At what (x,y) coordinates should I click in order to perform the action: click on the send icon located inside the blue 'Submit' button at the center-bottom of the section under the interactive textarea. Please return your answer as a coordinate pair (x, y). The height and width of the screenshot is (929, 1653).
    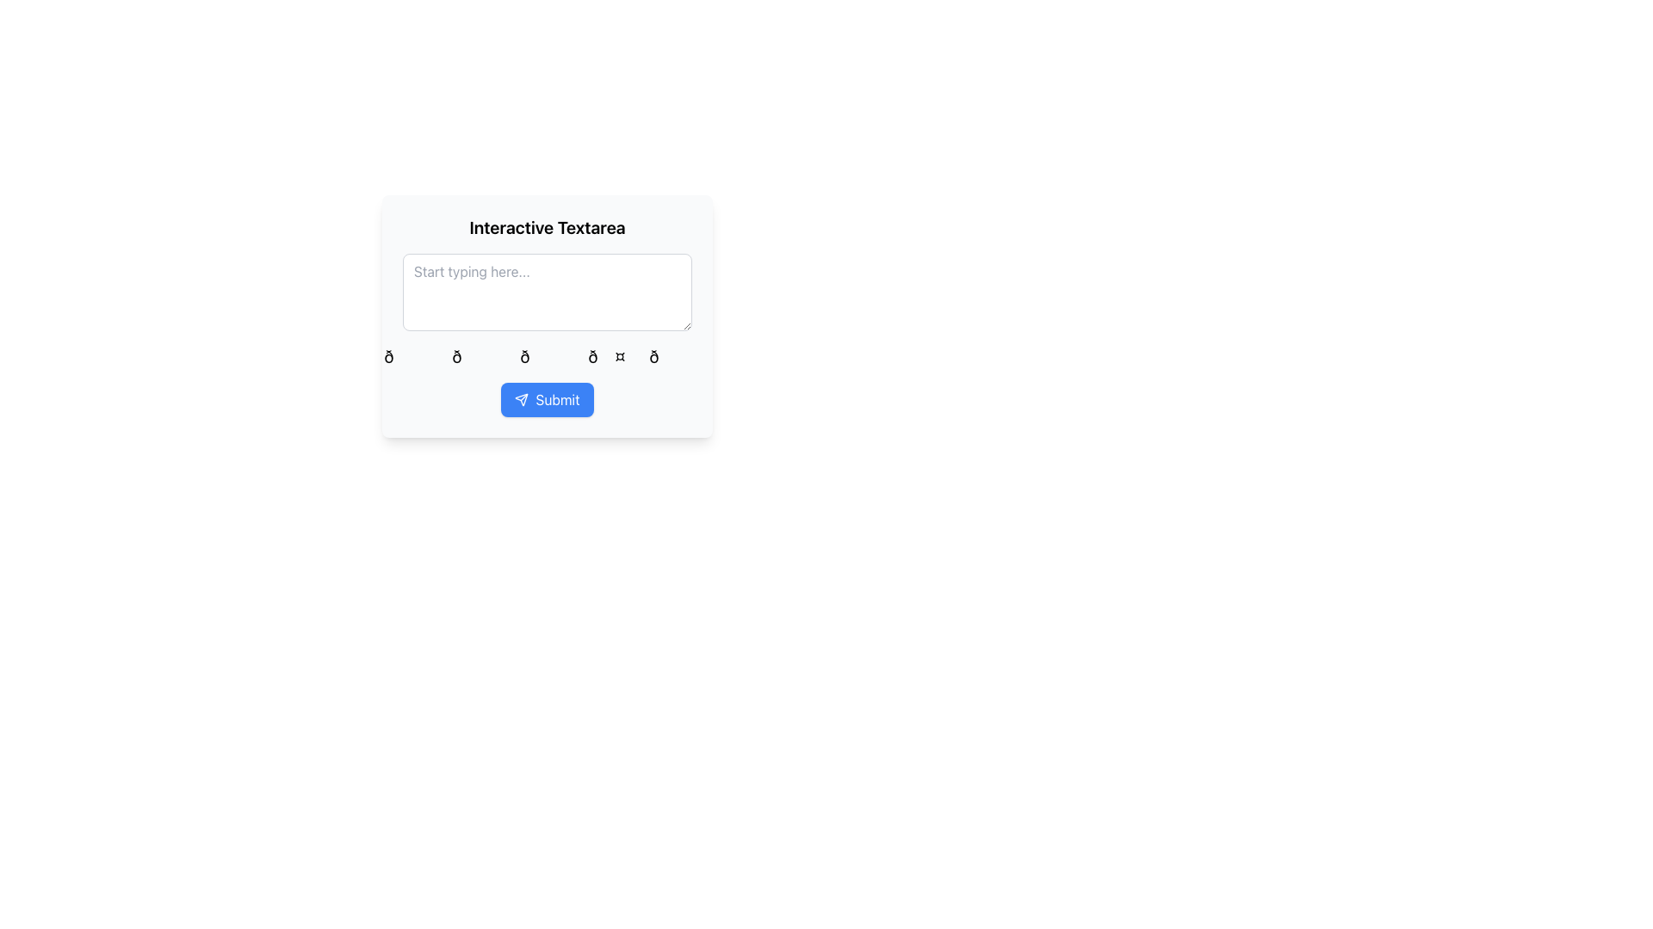
    Looking at the image, I should click on (521, 400).